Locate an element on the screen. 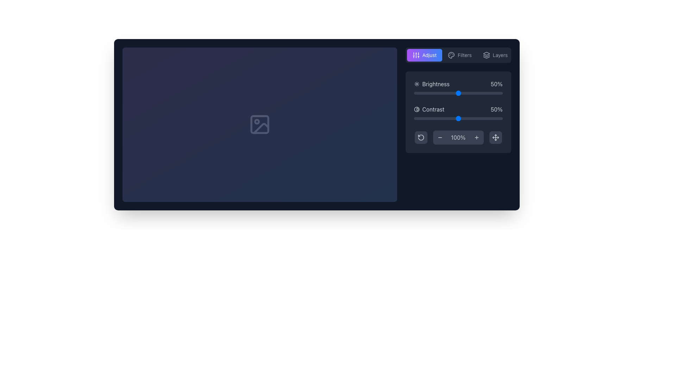 The height and width of the screenshot is (380, 676). the topmost triangular shape icon in the control panel that indicates layers or stacking features is located at coordinates (486, 53).